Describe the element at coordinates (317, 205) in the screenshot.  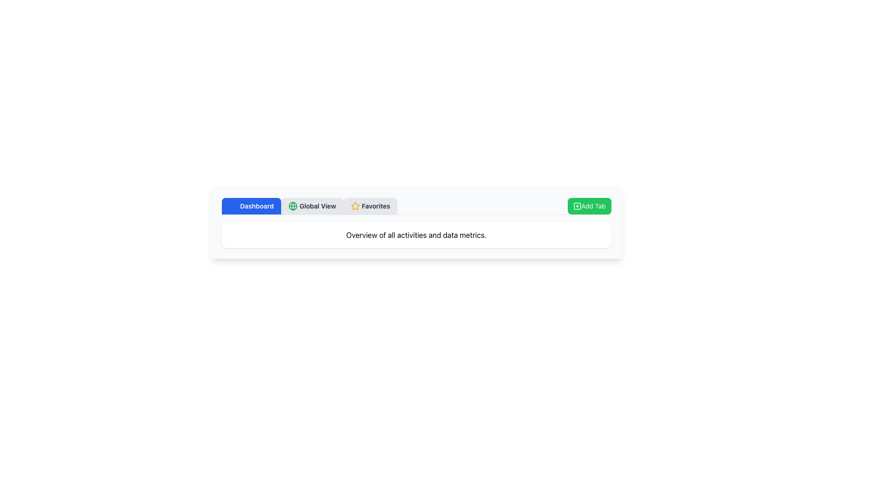
I see `the 'Global View' text label to switch to the 'Global View' section, which is positioned between the 'Dashboard' and 'Favorites' tabs in the navigational tab list` at that location.